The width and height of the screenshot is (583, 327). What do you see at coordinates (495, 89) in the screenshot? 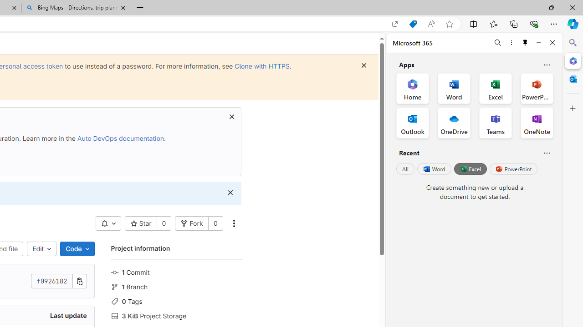
I see `'Excel Office App'` at bounding box center [495, 89].